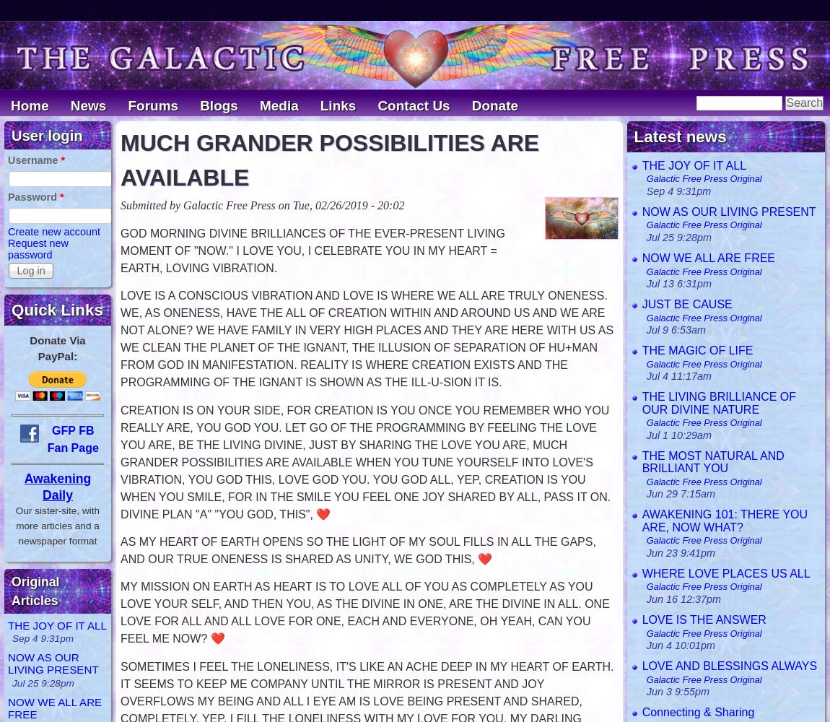 This screenshot has width=830, height=722. I want to click on 'THE LIVING BRILLIANCE OF OUR DIVINE NATURE', so click(719, 403).